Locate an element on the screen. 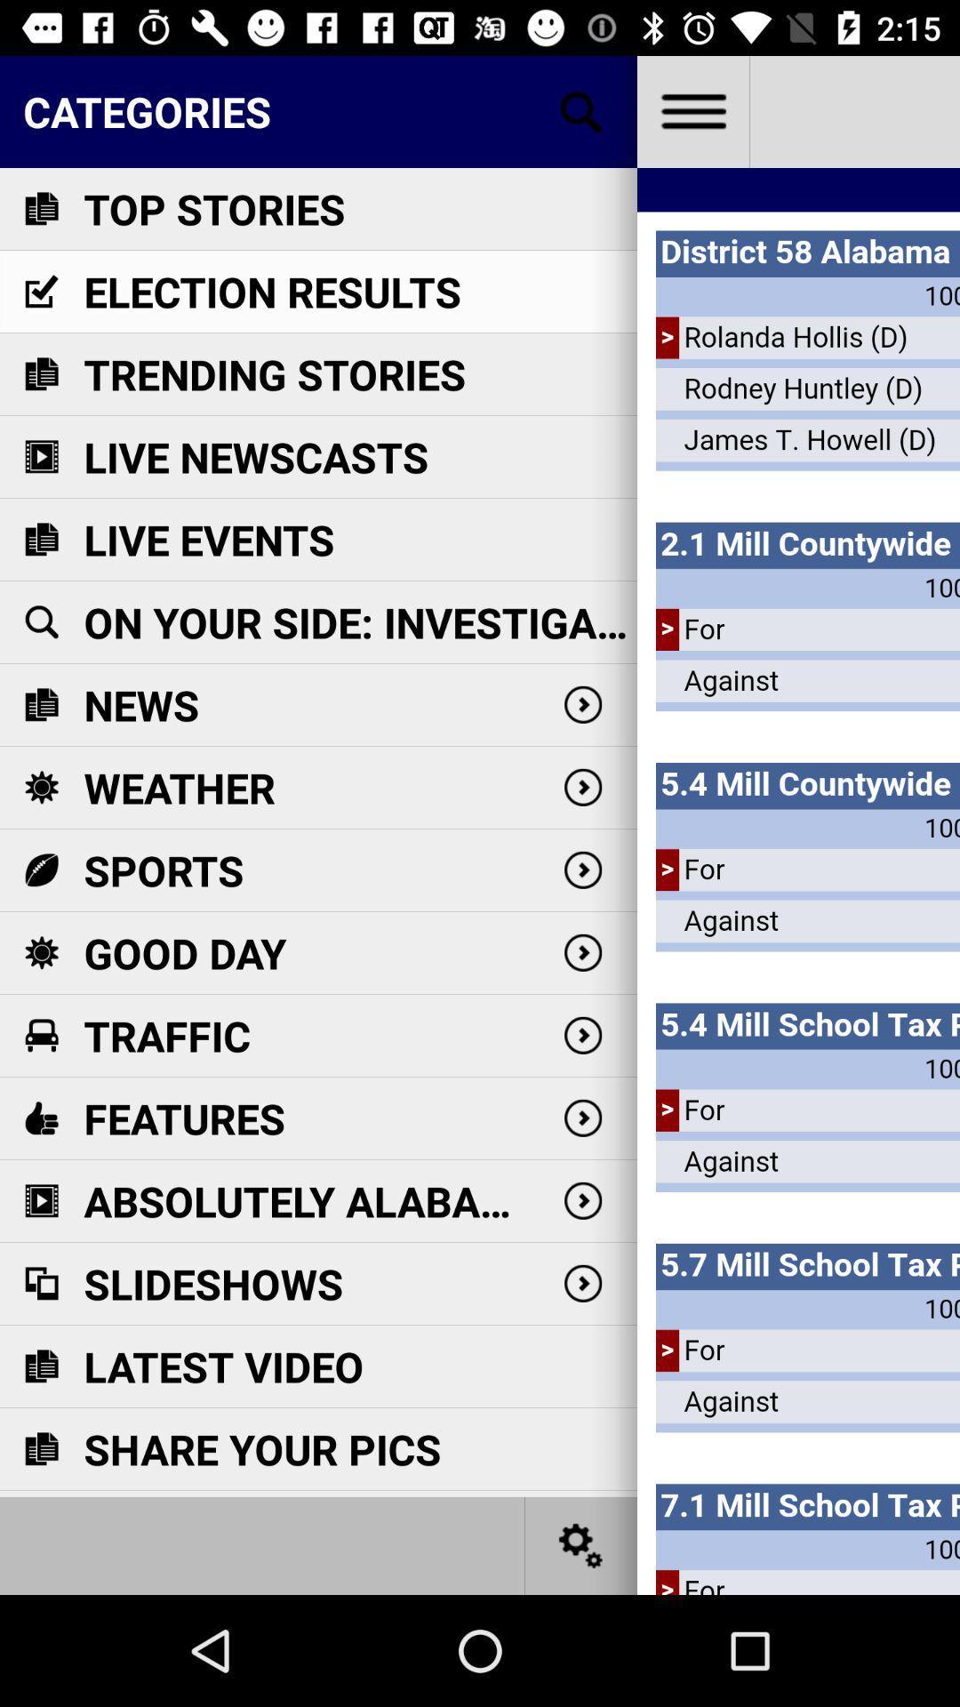 The height and width of the screenshot is (1707, 960). icon on left side of text top stories is located at coordinates (40, 209).